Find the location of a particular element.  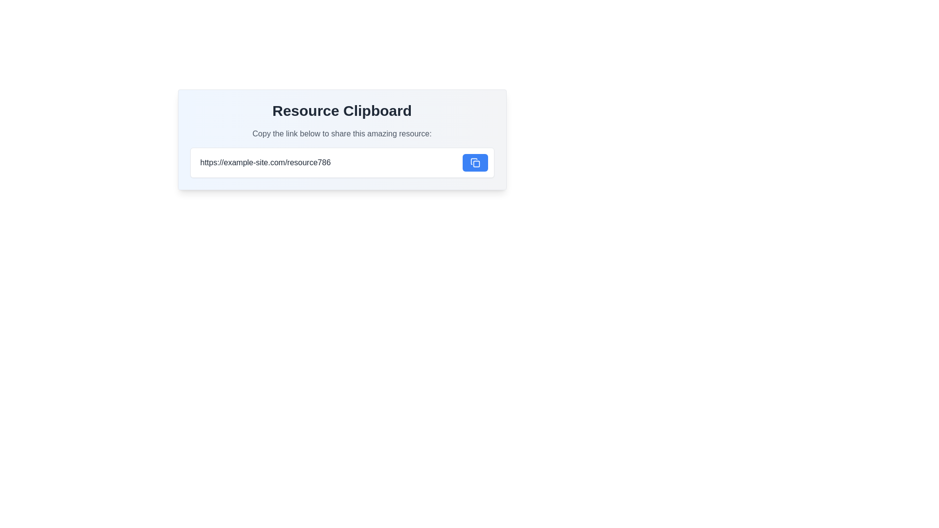

the Text Label that provides instruction or context about sharing a resource via the URL, positioned below the 'Resource Clipboard' title and above the URL input field is located at coordinates (342, 133).